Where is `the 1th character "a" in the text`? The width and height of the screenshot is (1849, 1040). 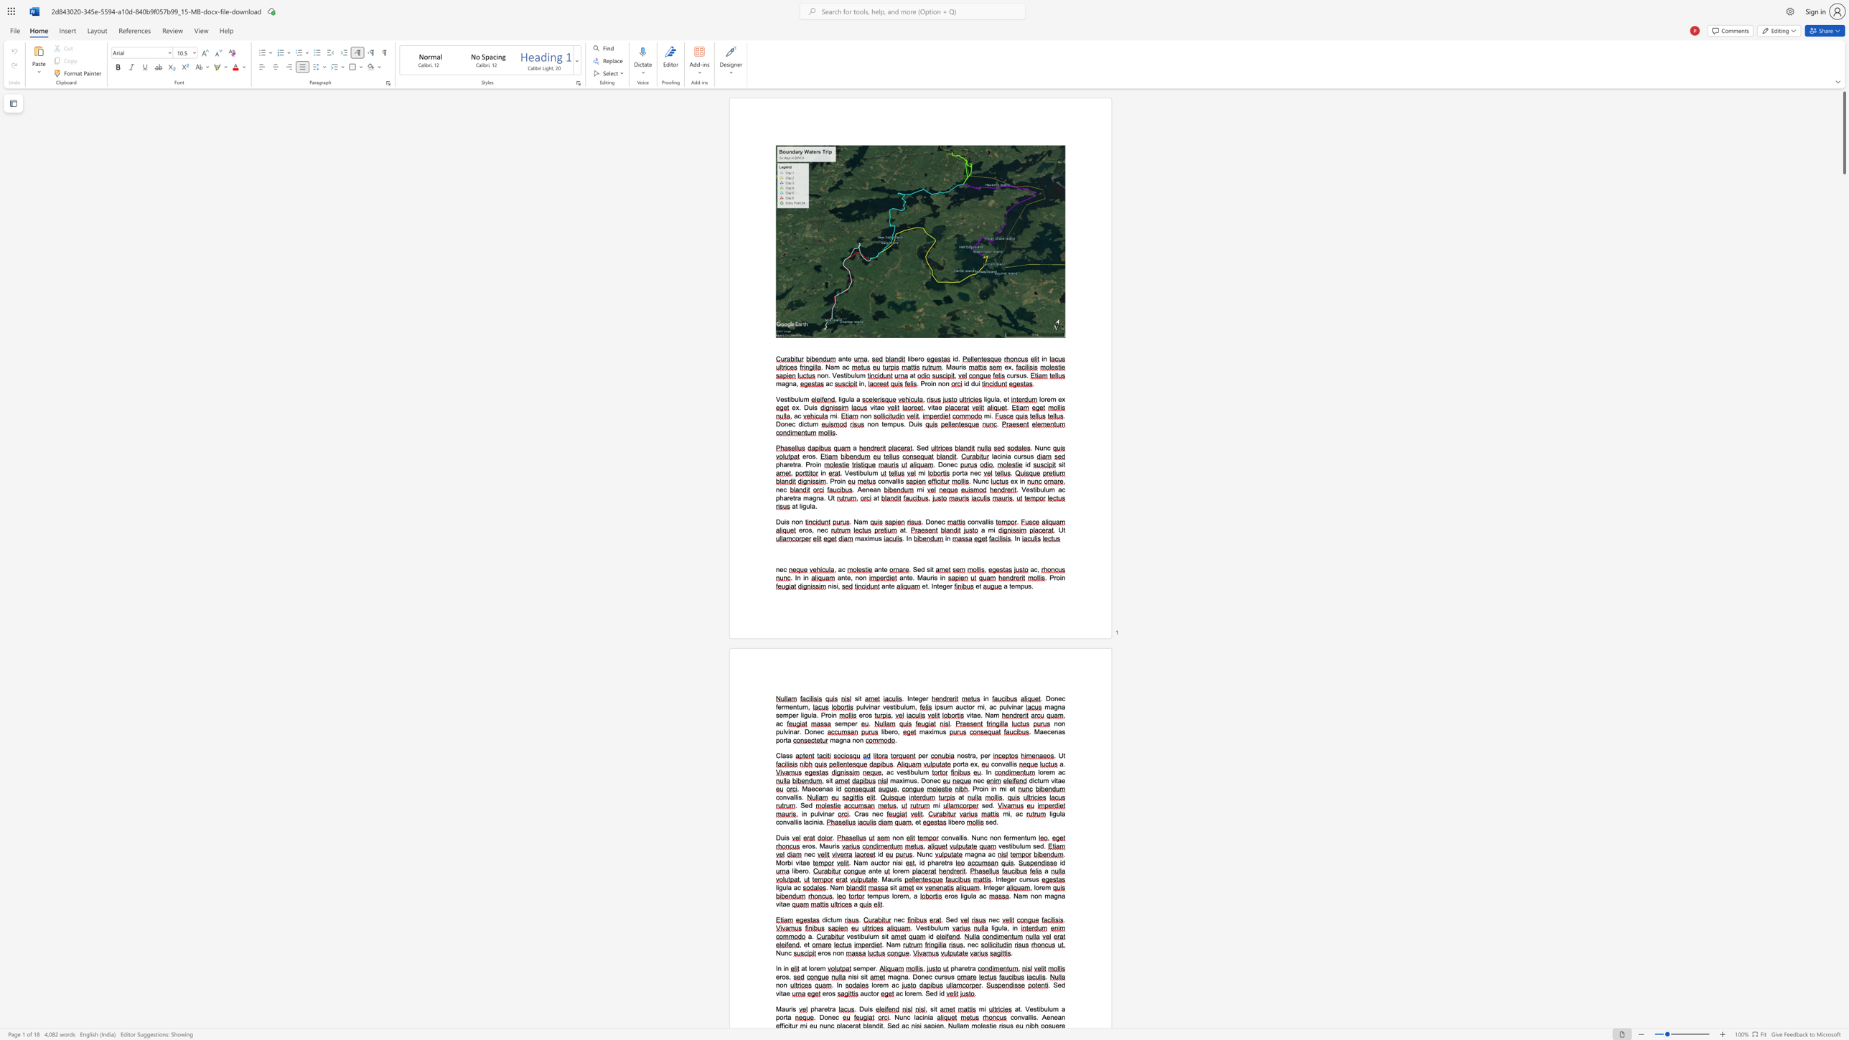
the 1th character "a" in the text is located at coordinates (1058, 780).